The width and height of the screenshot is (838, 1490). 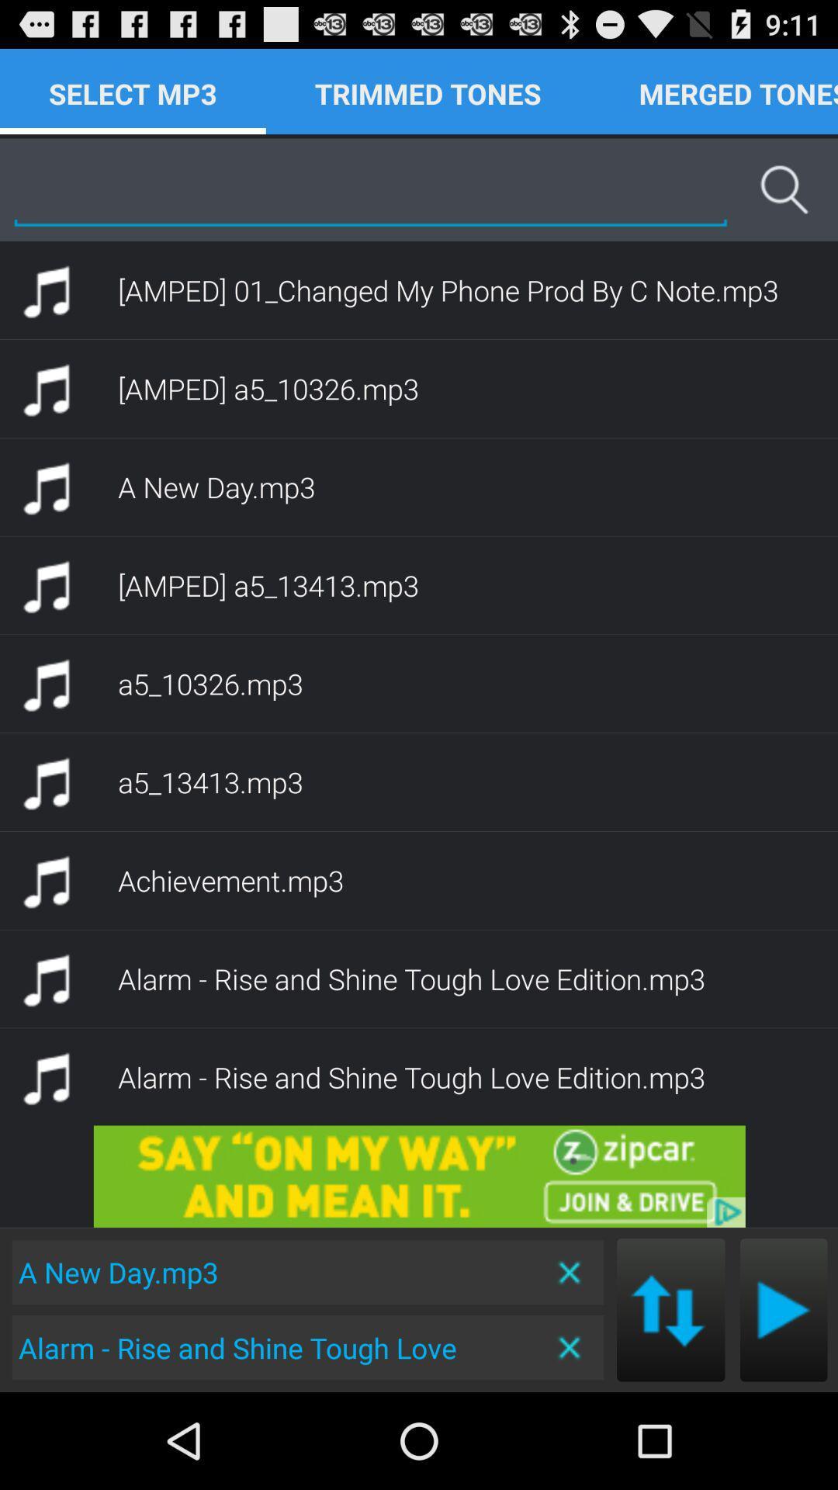 What do you see at coordinates (570, 1272) in the screenshot?
I see `close` at bounding box center [570, 1272].